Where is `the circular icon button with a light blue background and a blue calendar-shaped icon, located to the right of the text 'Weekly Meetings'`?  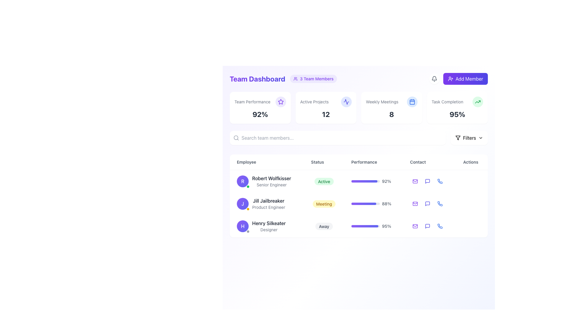
the circular icon button with a light blue background and a blue calendar-shaped icon, located to the right of the text 'Weekly Meetings' is located at coordinates (412, 101).